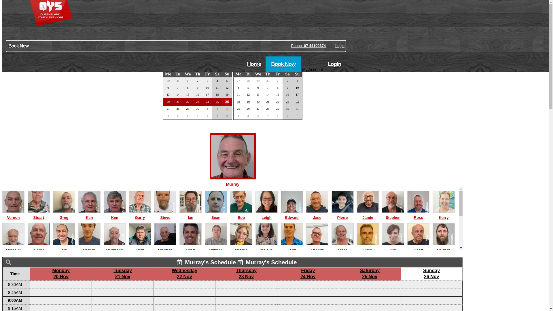 Image resolution: width=553 pixels, height=311 pixels. Describe the element at coordinates (179, 247) in the screenshot. I see `'Greg` at that location.